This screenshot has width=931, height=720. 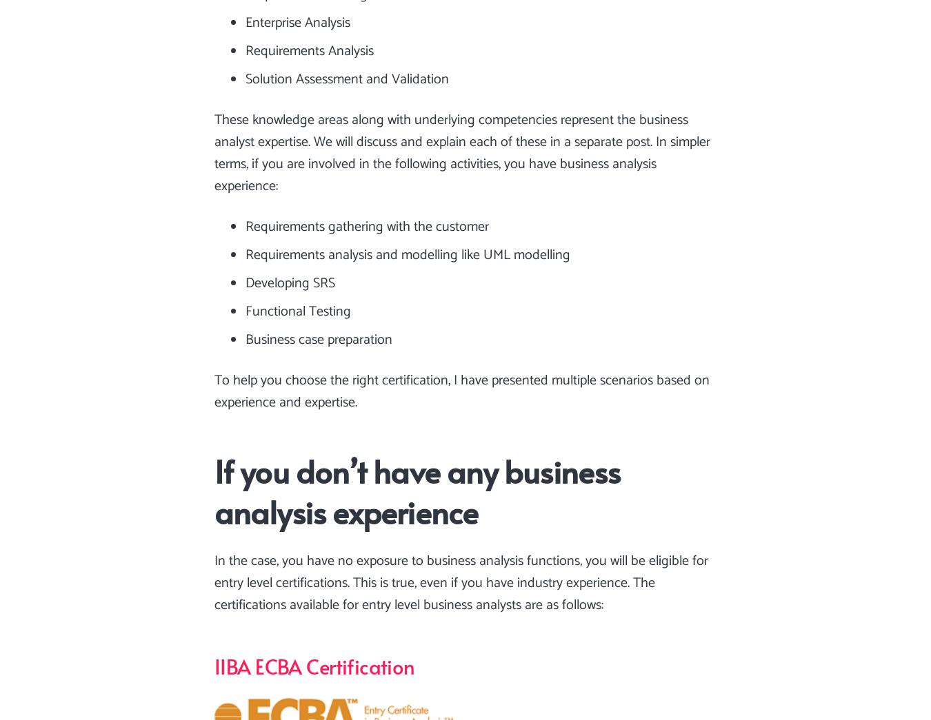 I want to click on 'To help you choose the right certification, I have presented multiple scenarios based on experience and expertise.', so click(x=462, y=391).